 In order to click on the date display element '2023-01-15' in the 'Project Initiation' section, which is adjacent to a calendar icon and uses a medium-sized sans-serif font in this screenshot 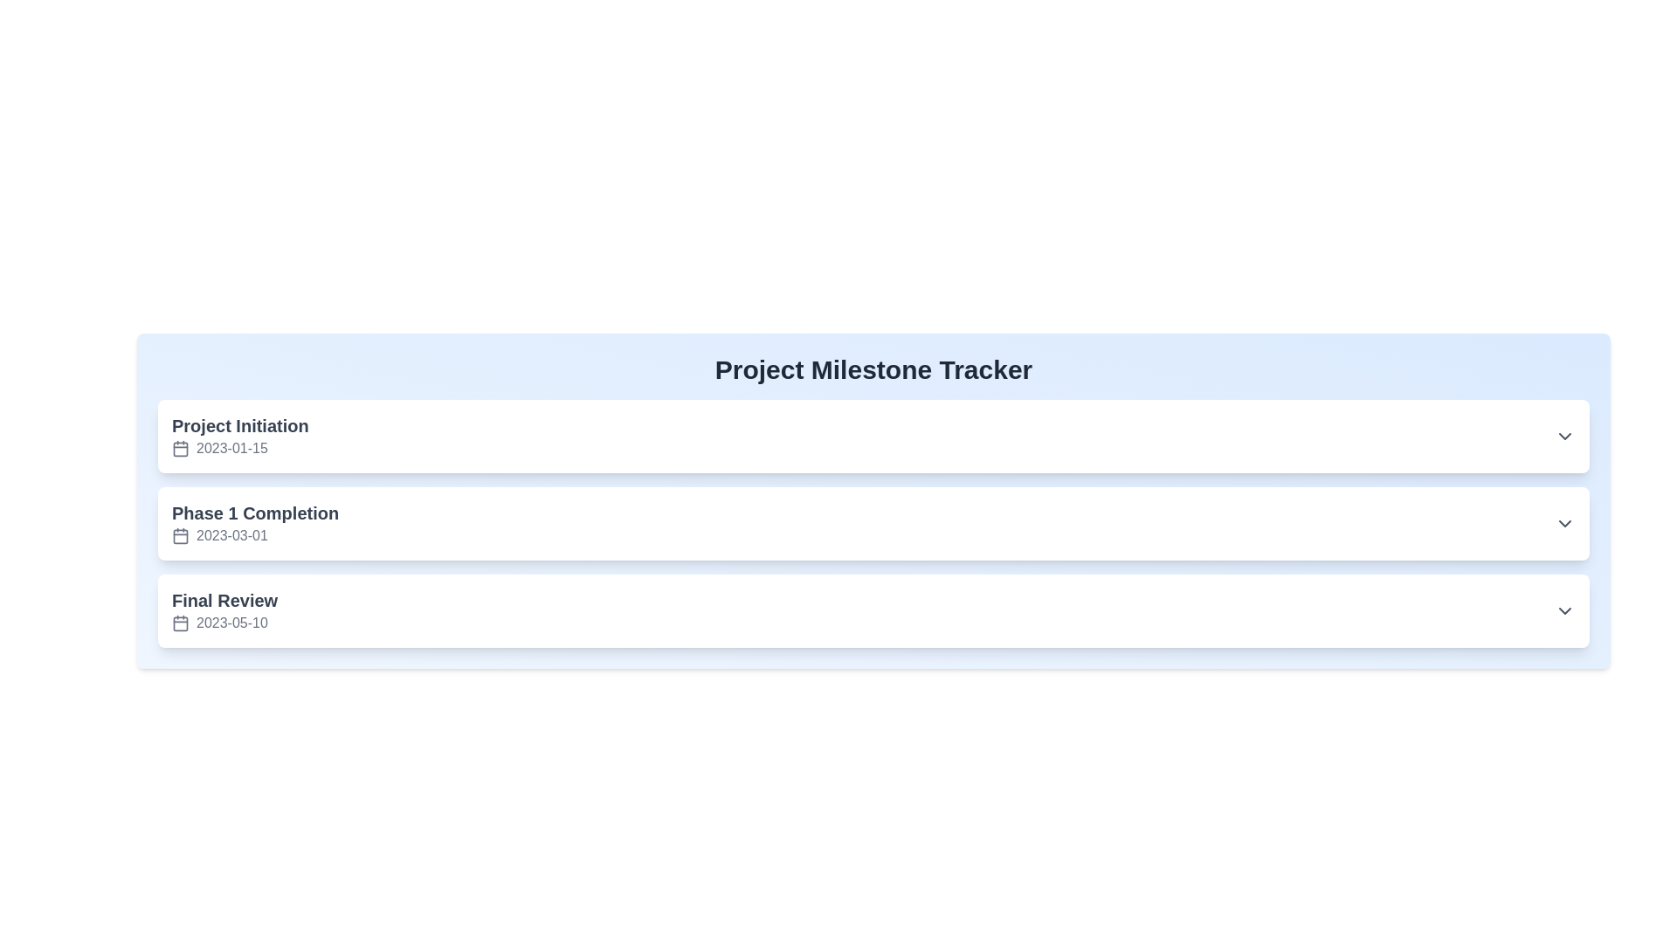, I will do `click(231, 447)`.